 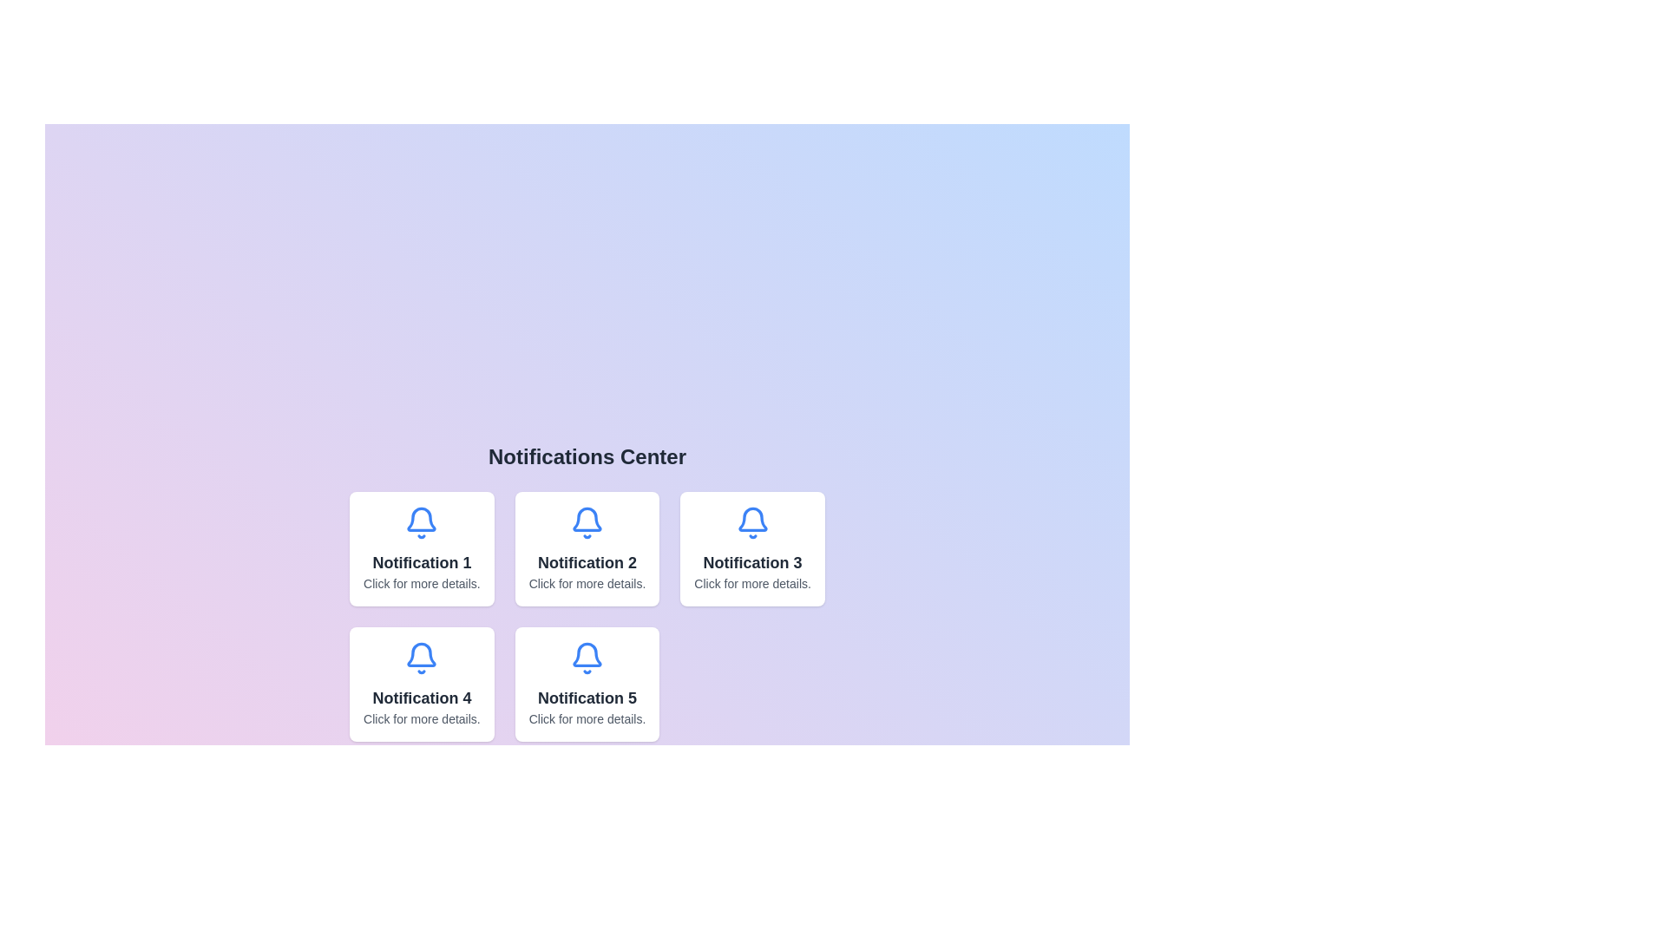 What do you see at coordinates (422, 698) in the screenshot?
I see `the text label that contains 'Notification 4', styled in bold, located in the bottom-left of the two-row layout, positioned under a bell icon and above 'Click for more details.'` at bounding box center [422, 698].